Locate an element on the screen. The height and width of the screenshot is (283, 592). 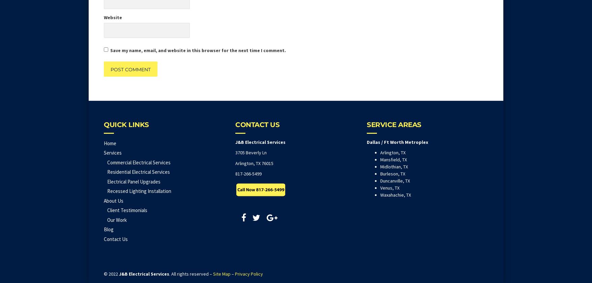
'. All rights reserved –' is located at coordinates (169, 274).